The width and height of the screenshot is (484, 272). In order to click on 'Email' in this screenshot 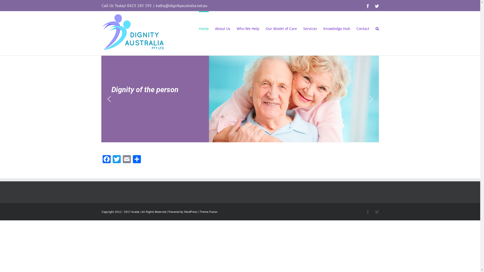, I will do `click(127, 159)`.